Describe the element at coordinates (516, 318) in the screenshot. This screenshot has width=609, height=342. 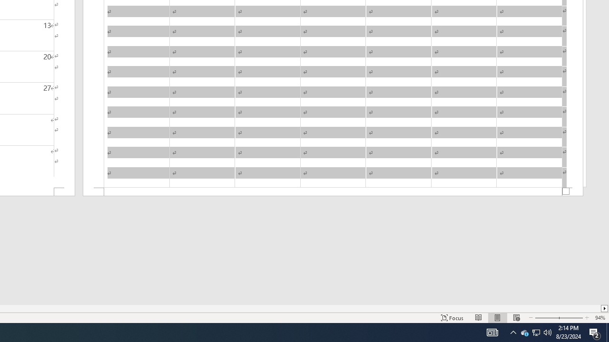
I see `'Web Layout'` at that location.